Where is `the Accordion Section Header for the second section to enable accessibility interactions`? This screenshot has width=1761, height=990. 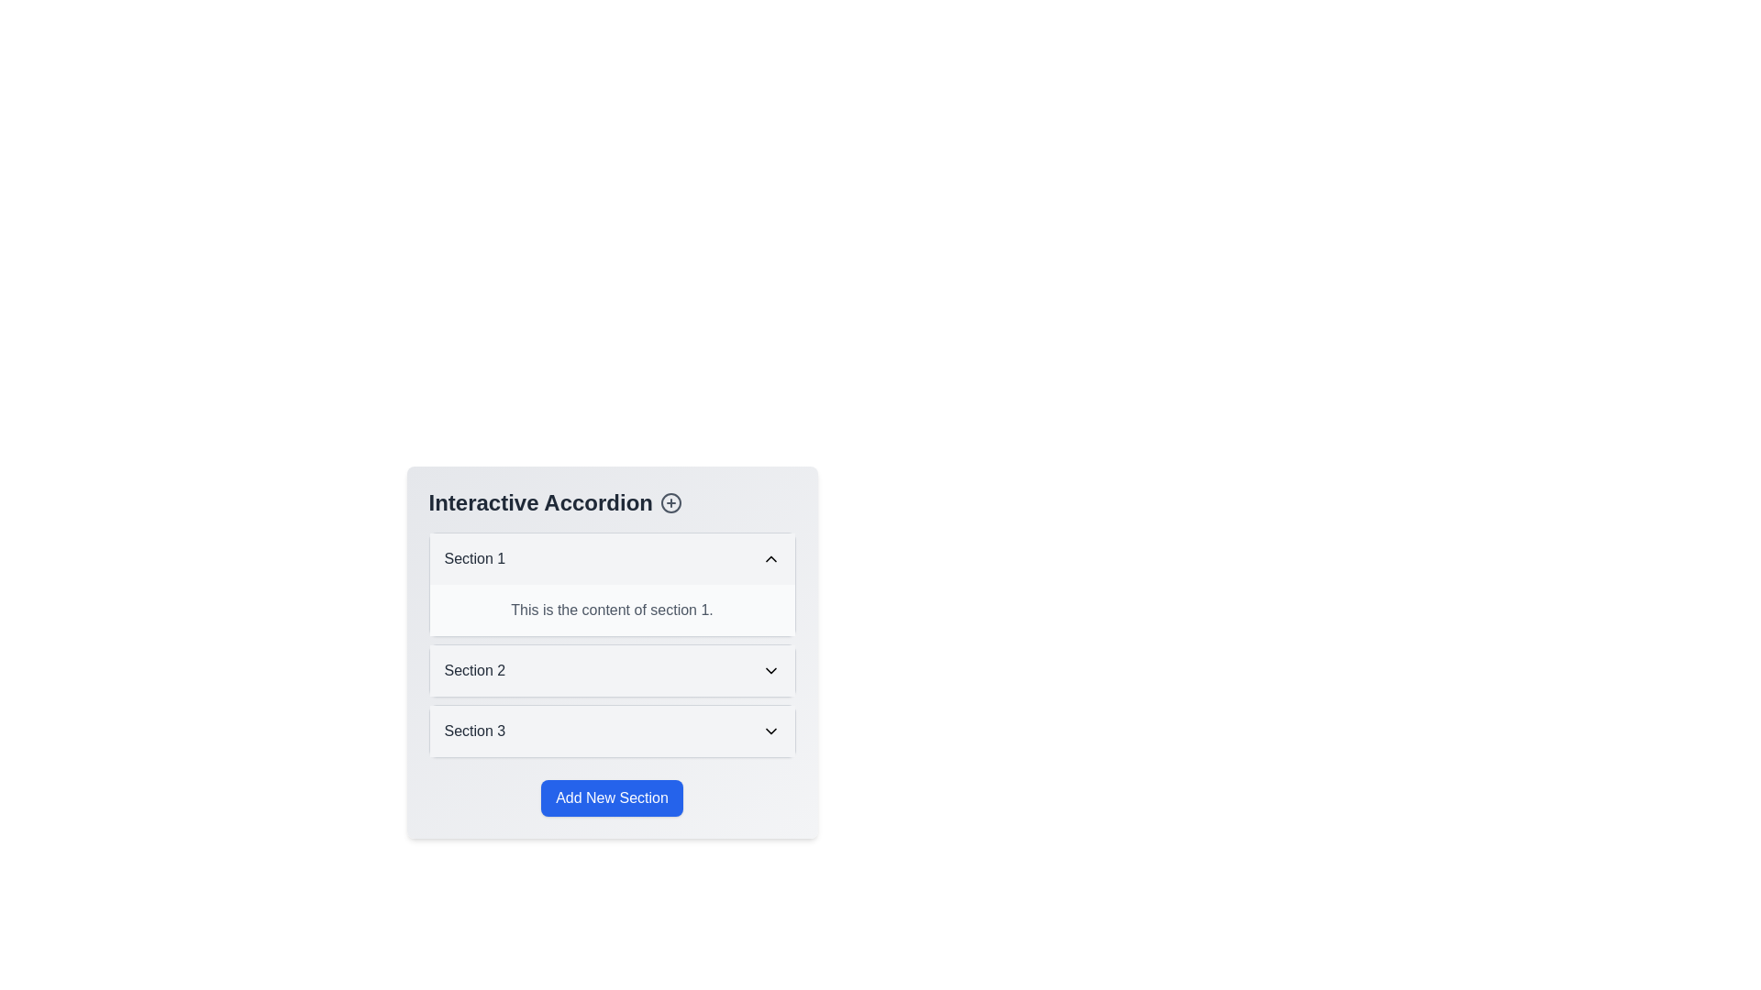
the Accordion Section Header for the second section to enable accessibility interactions is located at coordinates (612, 671).